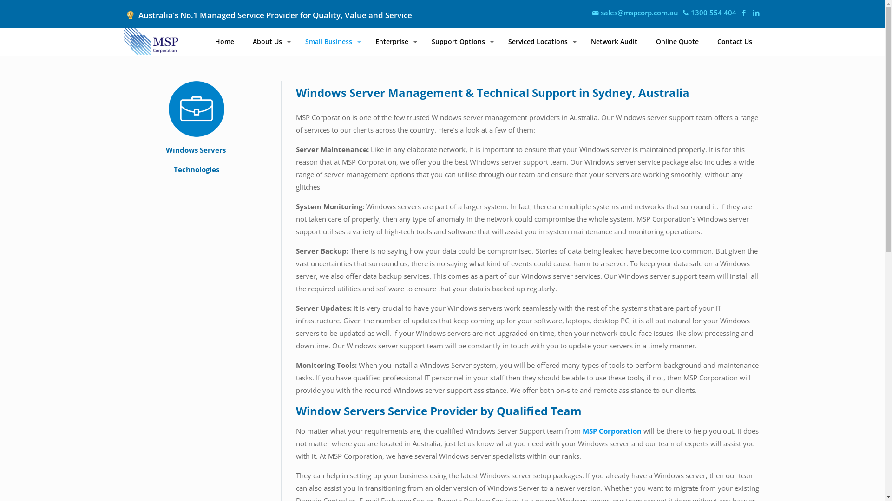  I want to click on 'Facebook', so click(743, 13).